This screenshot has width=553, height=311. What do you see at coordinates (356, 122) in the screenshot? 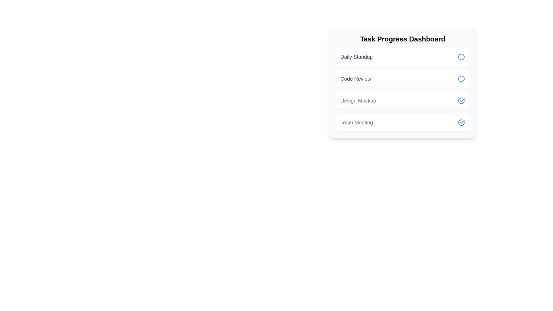
I see `the text label displaying 'Team Meeting' with a strikethrough, indicating a completed task, located at the bottom of the task list` at bounding box center [356, 122].